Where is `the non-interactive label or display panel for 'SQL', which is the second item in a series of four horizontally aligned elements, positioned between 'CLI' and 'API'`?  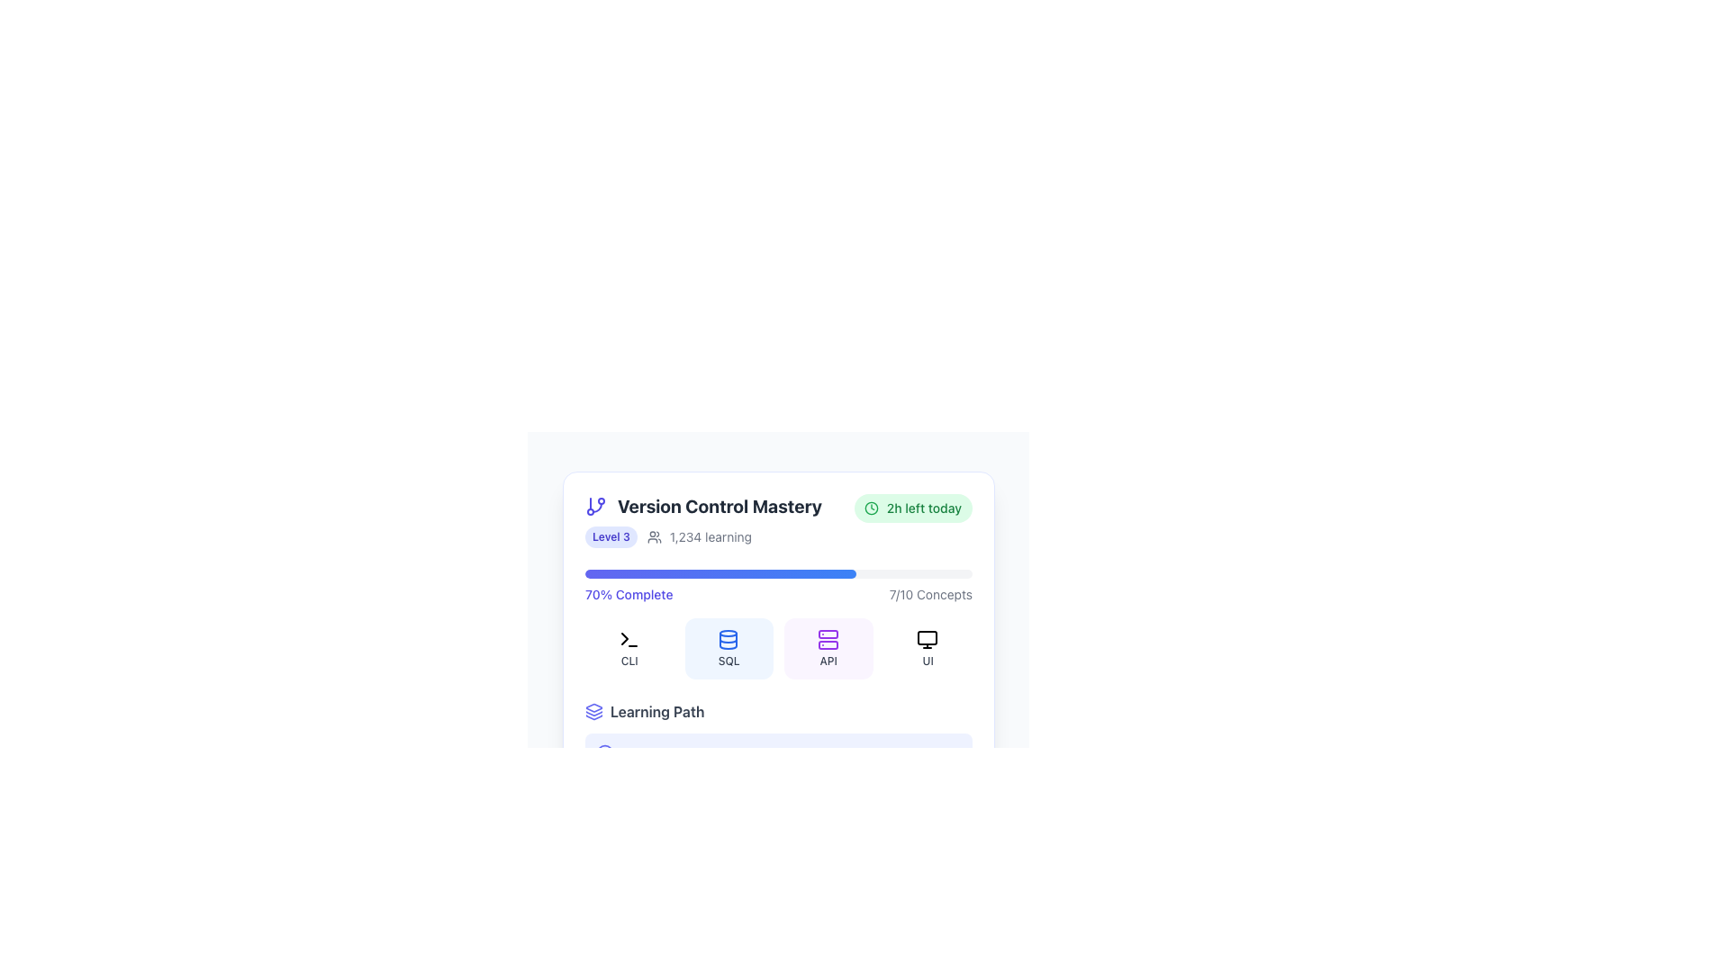
the non-interactive label or display panel for 'SQL', which is the second item in a series of four horizontally aligned elements, positioned between 'CLI' and 'API' is located at coordinates (729, 649).